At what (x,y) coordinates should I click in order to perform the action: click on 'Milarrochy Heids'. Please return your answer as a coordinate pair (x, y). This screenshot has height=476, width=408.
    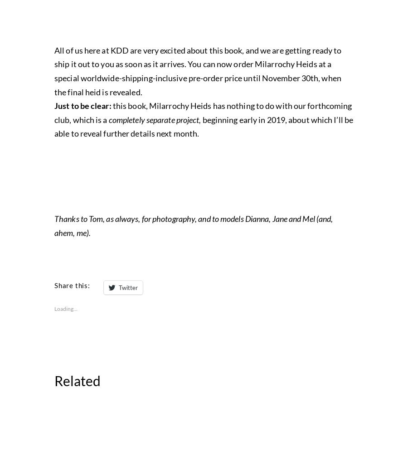
    Looking at the image, I should click on (180, 304).